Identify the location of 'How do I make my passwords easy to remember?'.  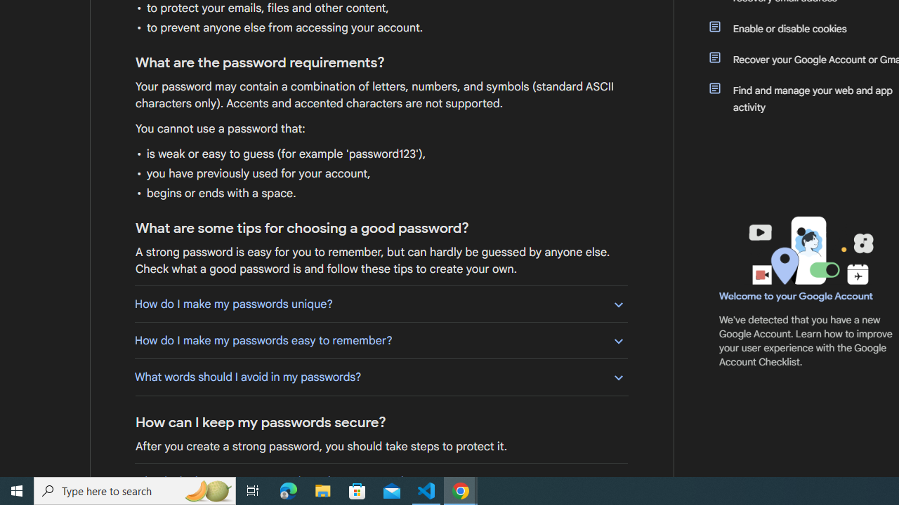
(381, 340).